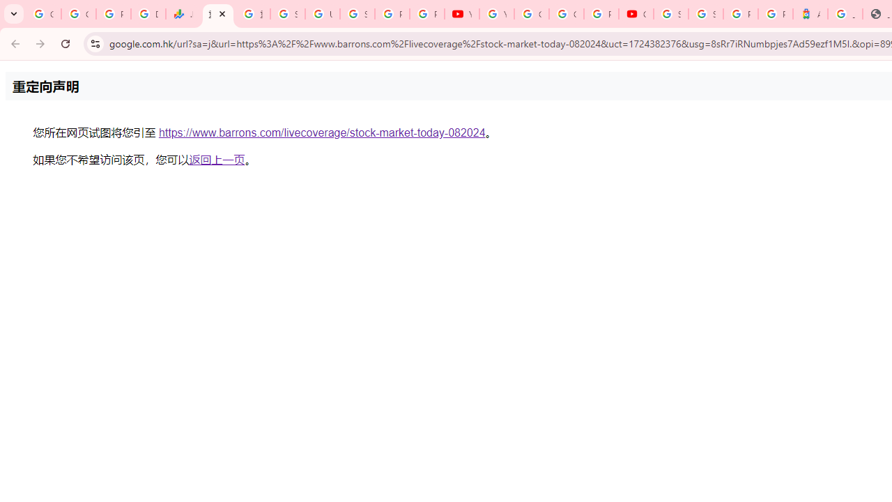 The width and height of the screenshot is (892, 502). What do you see at coordinates (810, 14) in the screenshot?
I see `'Atour Hotel - Google hotels'` at bounding box center [810, 14].